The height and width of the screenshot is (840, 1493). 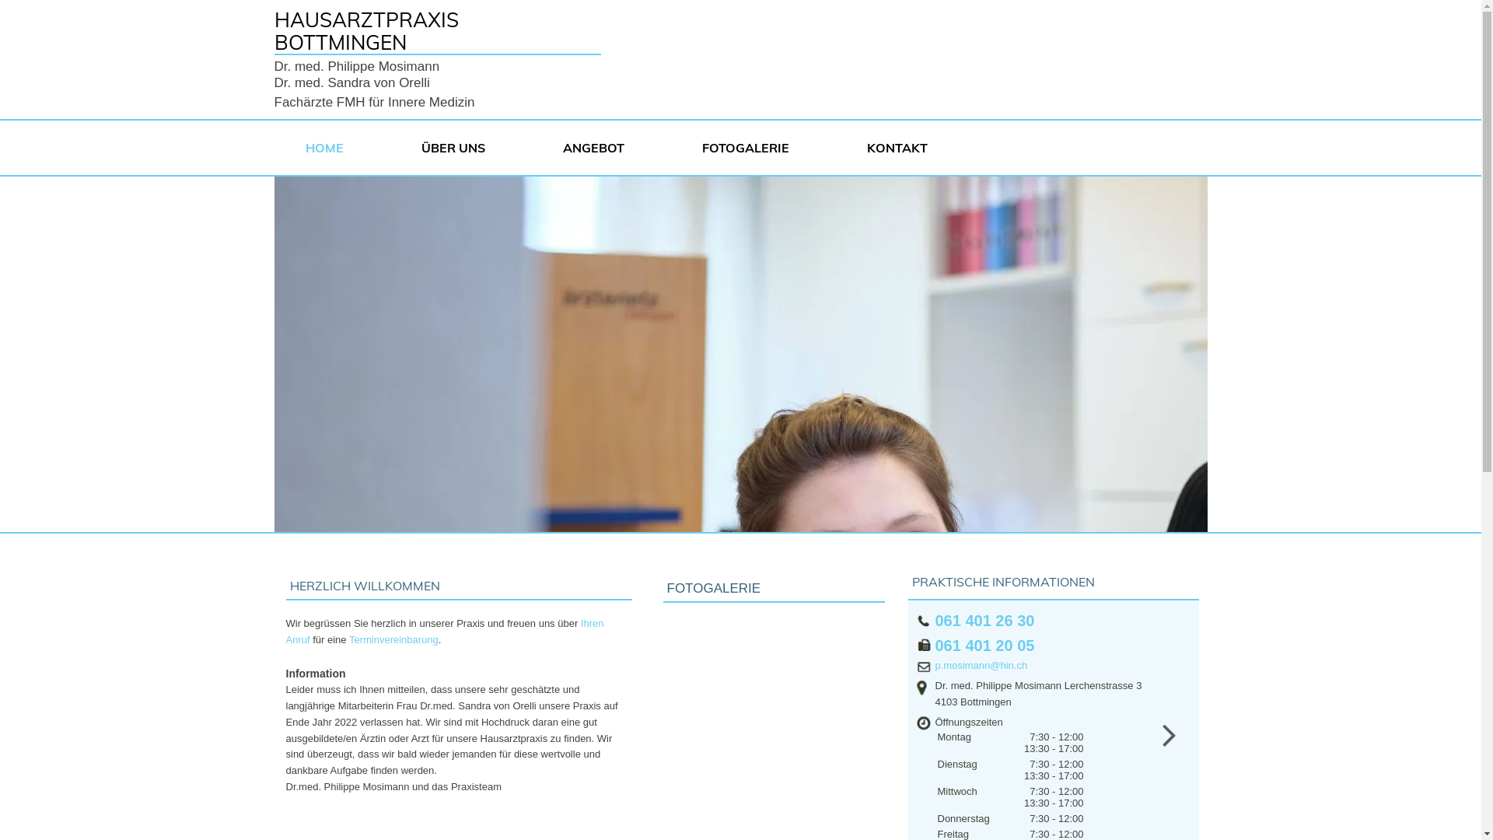 I want to click on 'ANGEBOT', so click(x=600, y=147).